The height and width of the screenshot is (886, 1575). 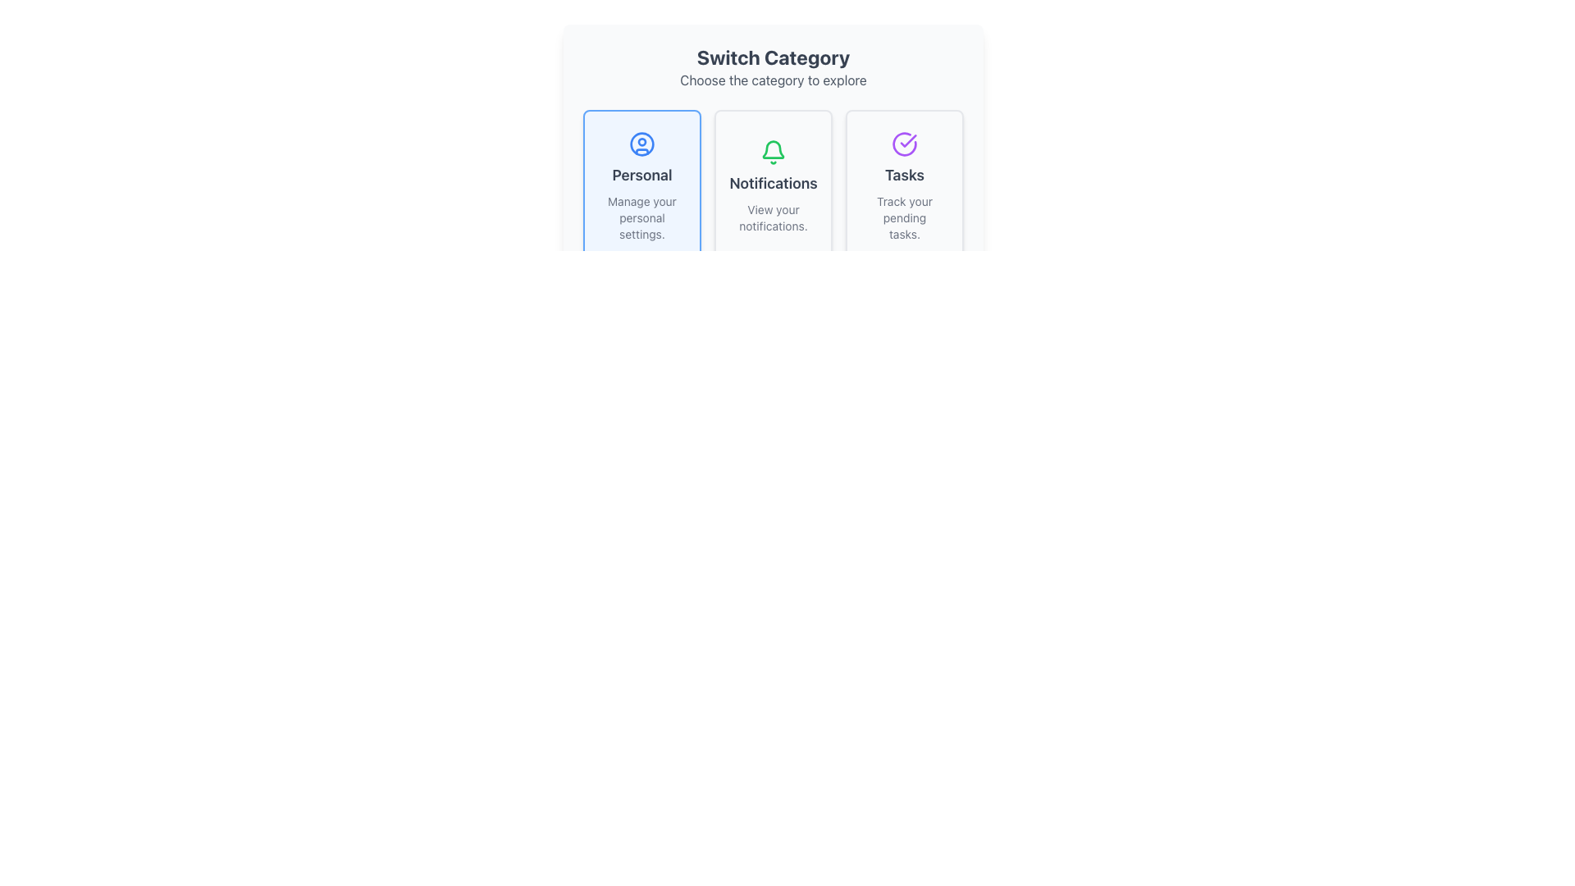 What do you see at coordinates (772, 152) in the screenshot?
I see `the bell-shaped icon located within the 'Notifications' section, which is styled with rounded edges and filled with green color, positioned above the label 'Notifications'` at bounding box center [772, 152].